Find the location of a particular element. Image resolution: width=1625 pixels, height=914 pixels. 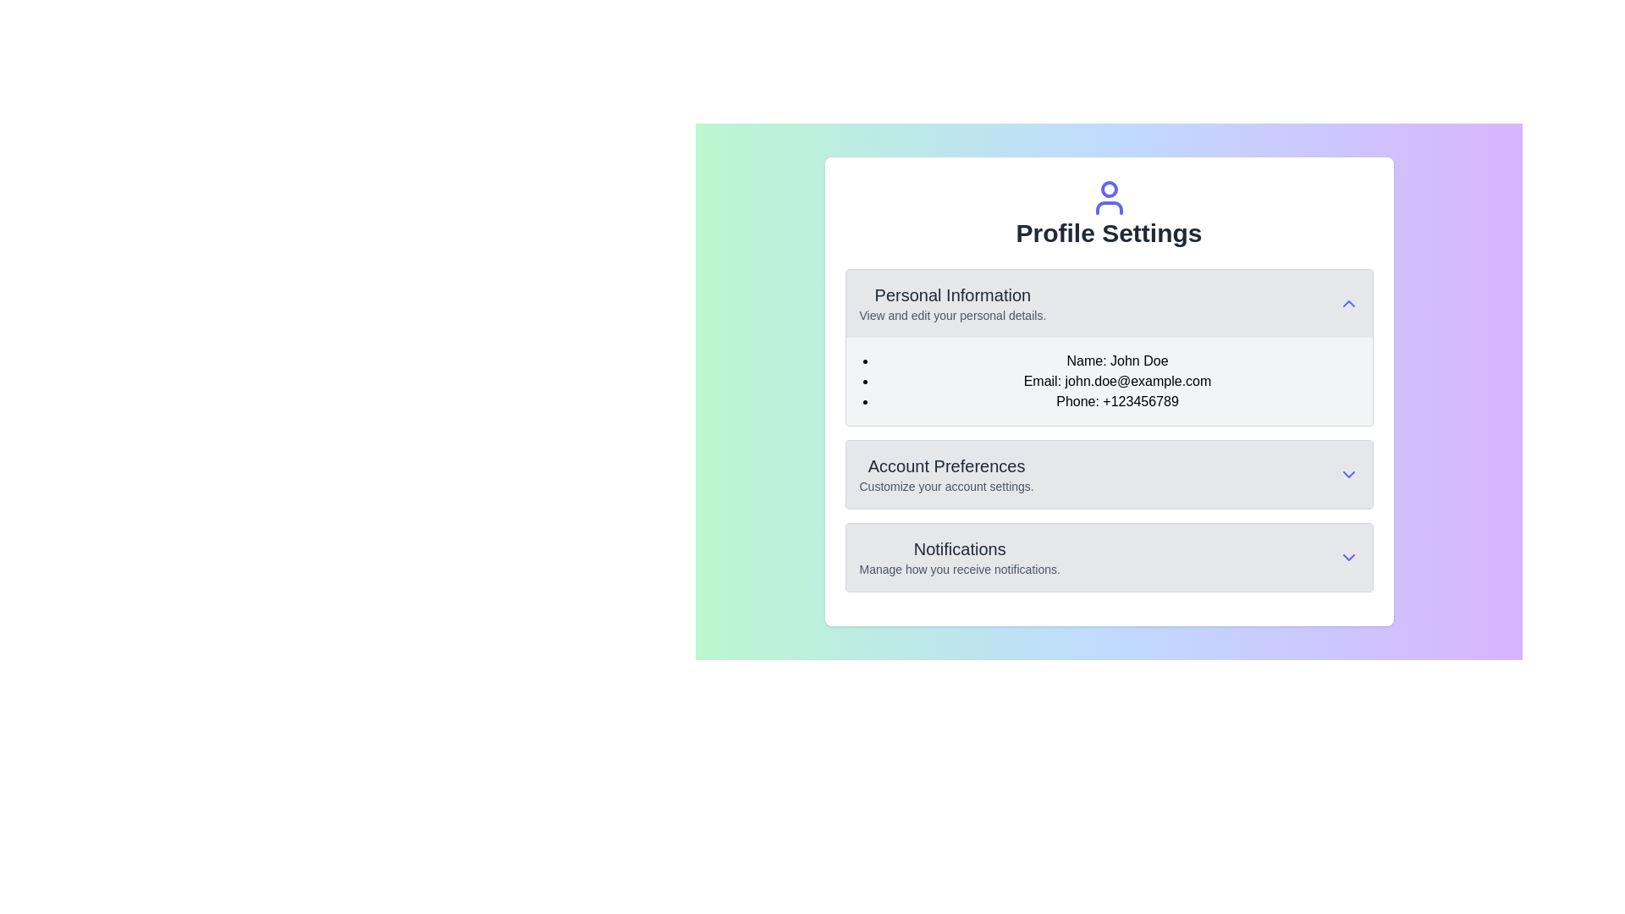

the downward-pointing chevron icon styled in blue-indigo color located at the right end of the 'Notifications' section header is located at coordinates (1347, 558).